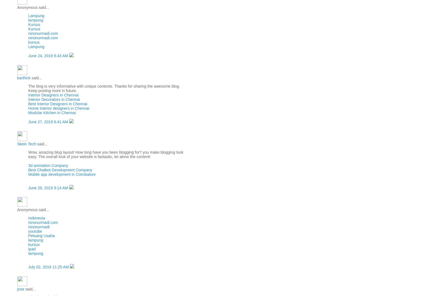 The height and width of the screenshot is (296, 428). Describe the element at coordinates (41, 236) in the screenshot. I see `'Peluang Usaha'` at that location.